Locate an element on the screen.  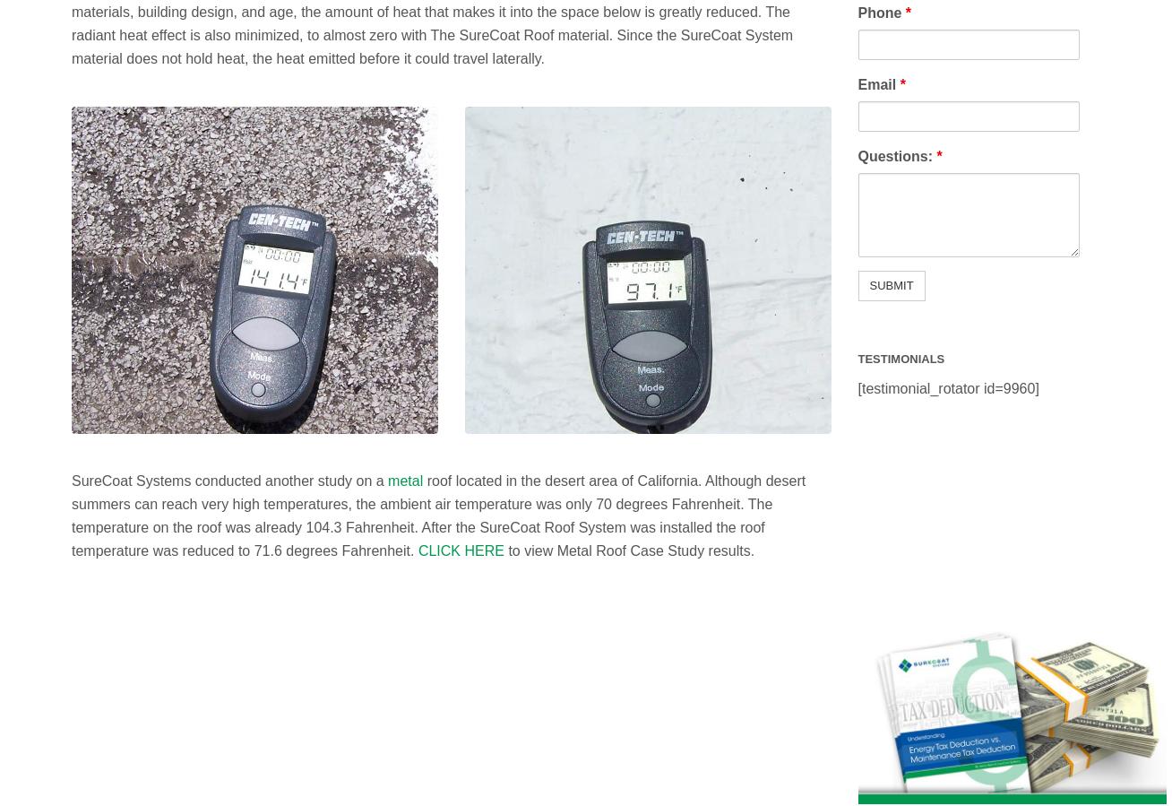
'roof located in the desert area of California. Although desert summers can reach very high temperatures, the ambient air temperature was only 70 degrees Fahrenheit. The temperature on the roof was already 104.3 Fahrenheit. After the SureCoat Roof System was installed the roof temperature was reduced to 71.6 degrees Fahrenheit.' is located at coordinates (437, 515).